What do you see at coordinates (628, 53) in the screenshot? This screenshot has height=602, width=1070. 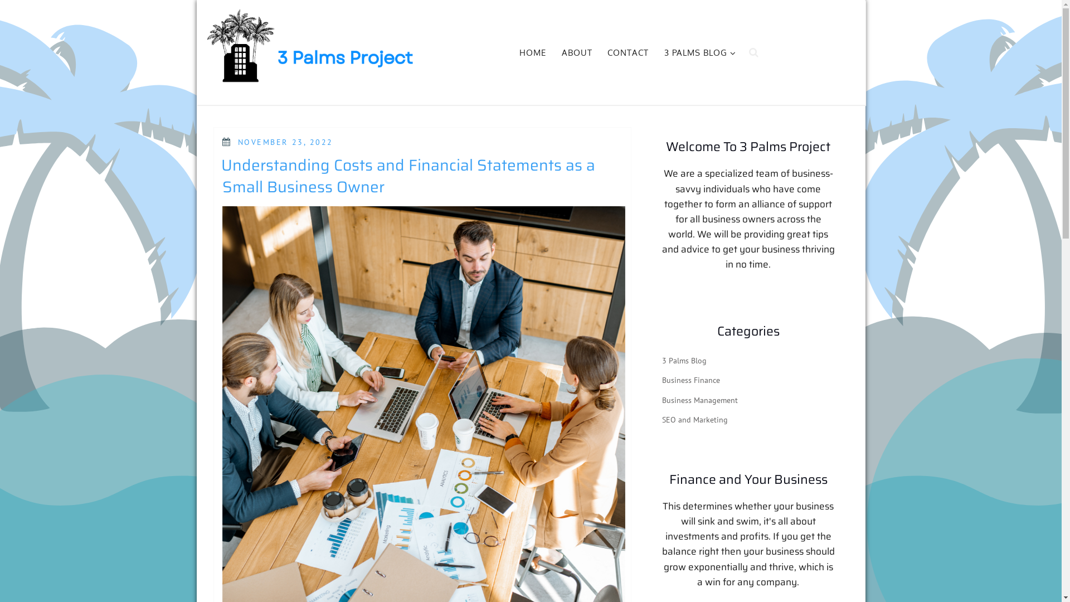 I see `'CONTACT'` at bounding box center [628, 53].